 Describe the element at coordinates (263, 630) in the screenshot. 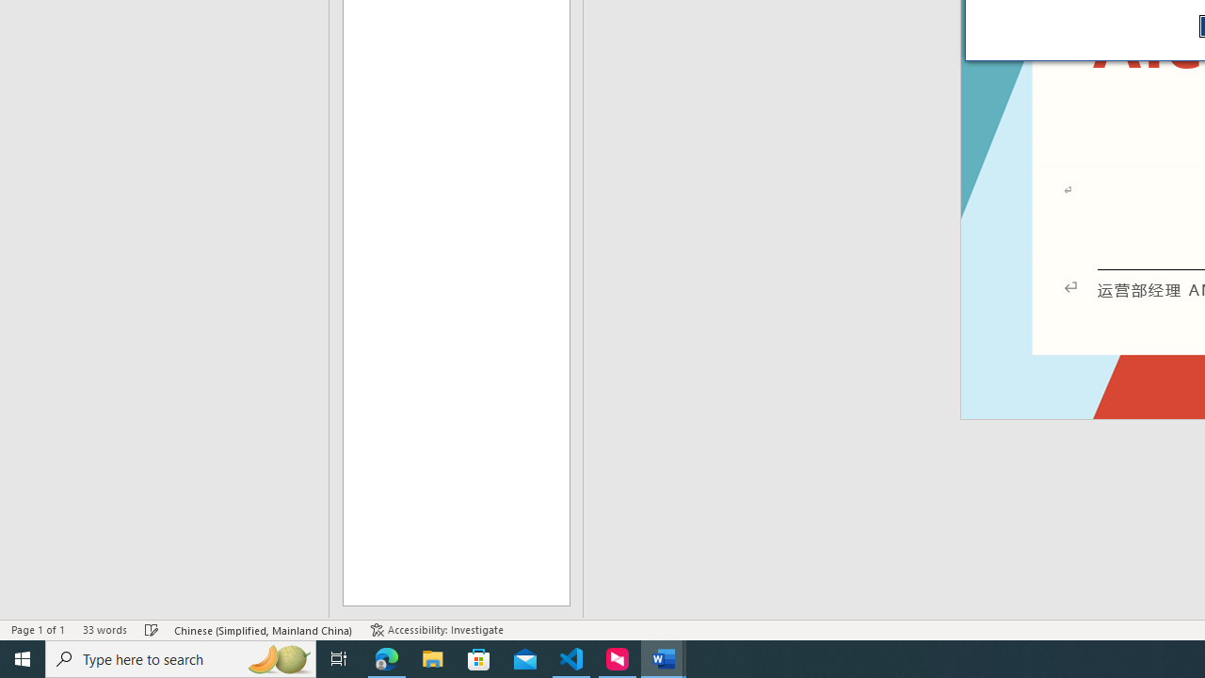

I see `'Language Chinese (Simplified, Mainland China)'` at that location.